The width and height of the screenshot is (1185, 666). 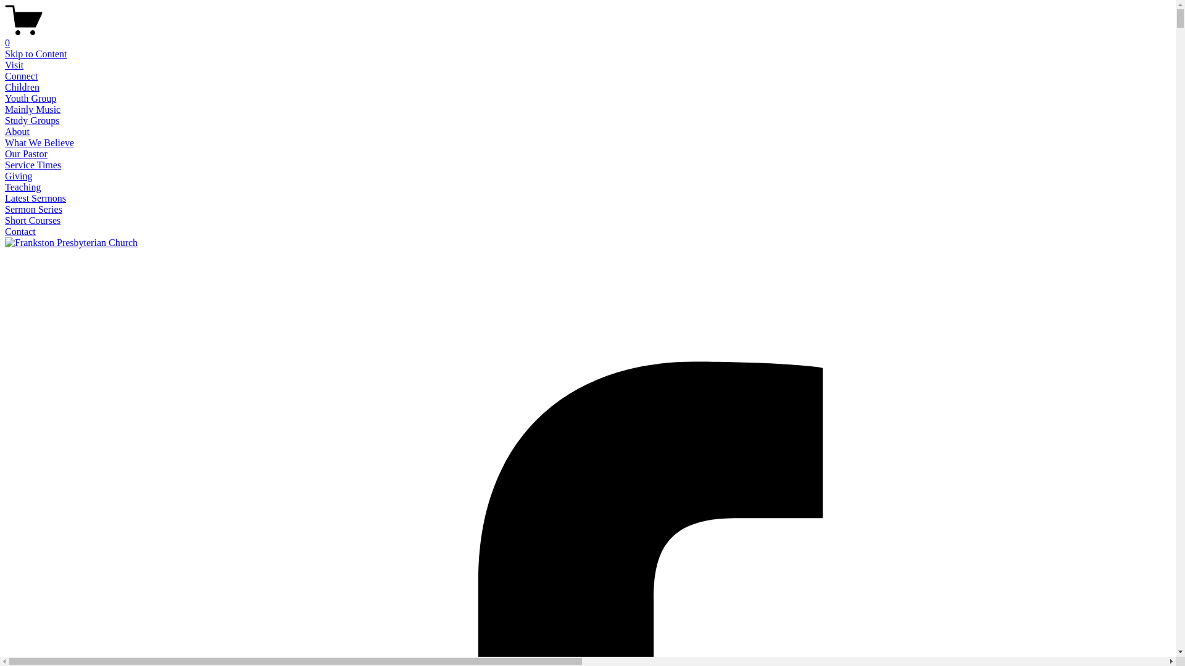 I want to click on 'Short Courses', so click(x=32, y=220).